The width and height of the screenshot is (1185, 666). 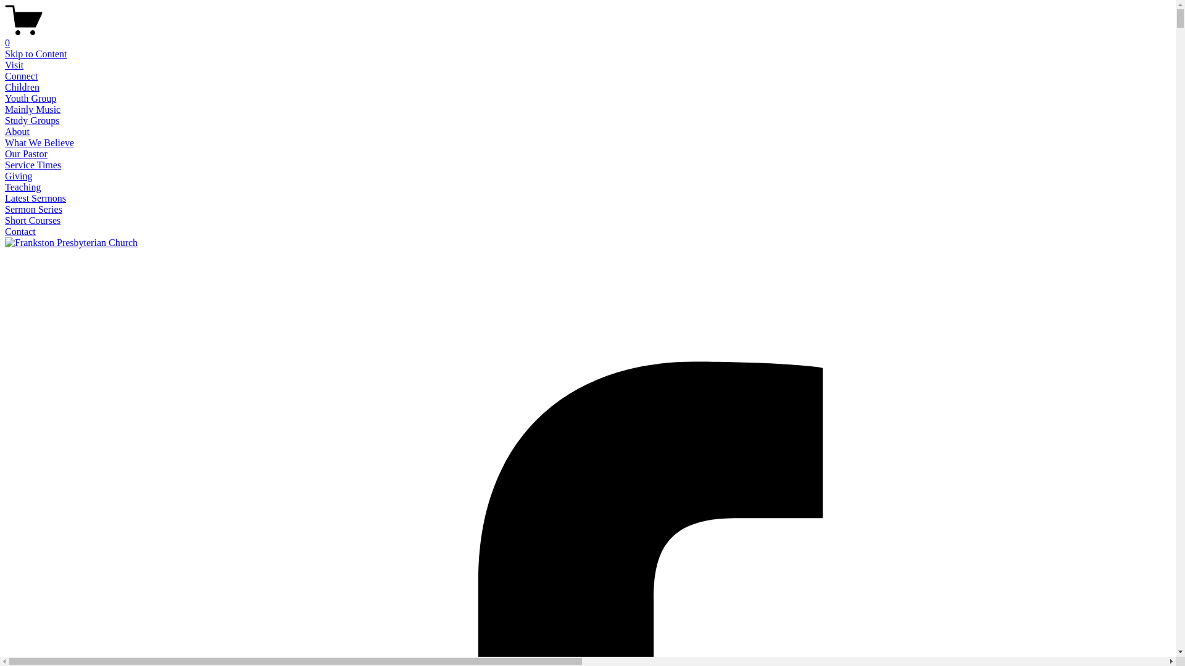 I want to click on 'Short Courses', so click(x=32, y=220).